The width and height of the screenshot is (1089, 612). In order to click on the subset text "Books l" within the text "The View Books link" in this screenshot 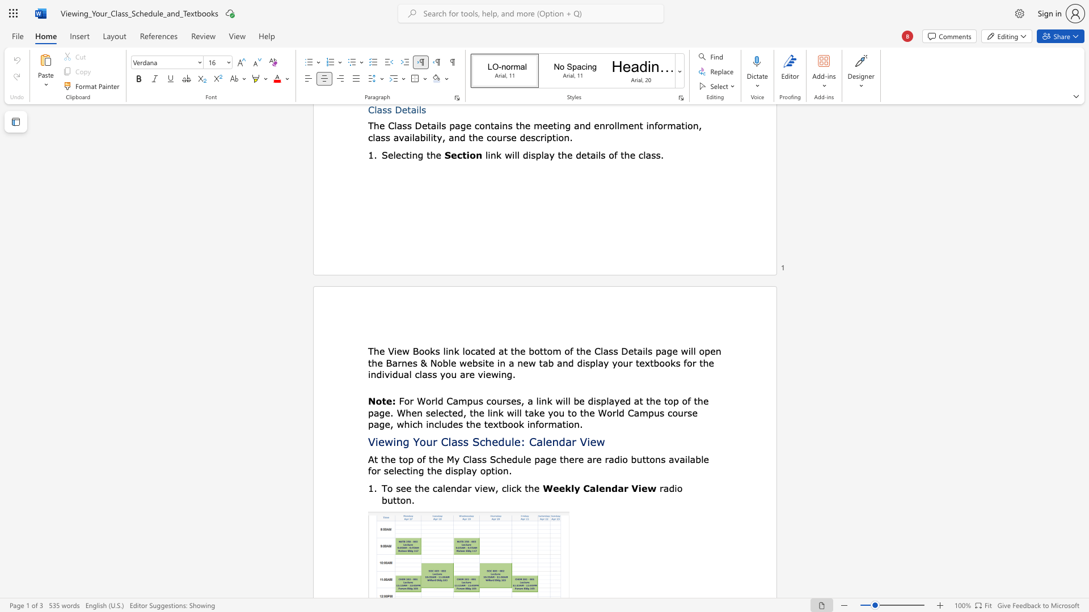, I will do `click(412, 350)`.